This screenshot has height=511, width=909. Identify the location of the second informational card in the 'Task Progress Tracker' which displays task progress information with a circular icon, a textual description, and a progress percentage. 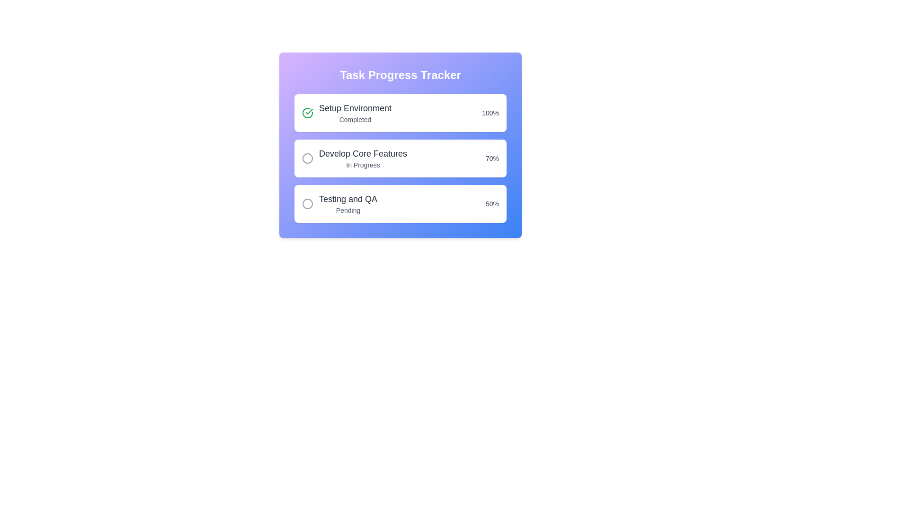
(400, 158).